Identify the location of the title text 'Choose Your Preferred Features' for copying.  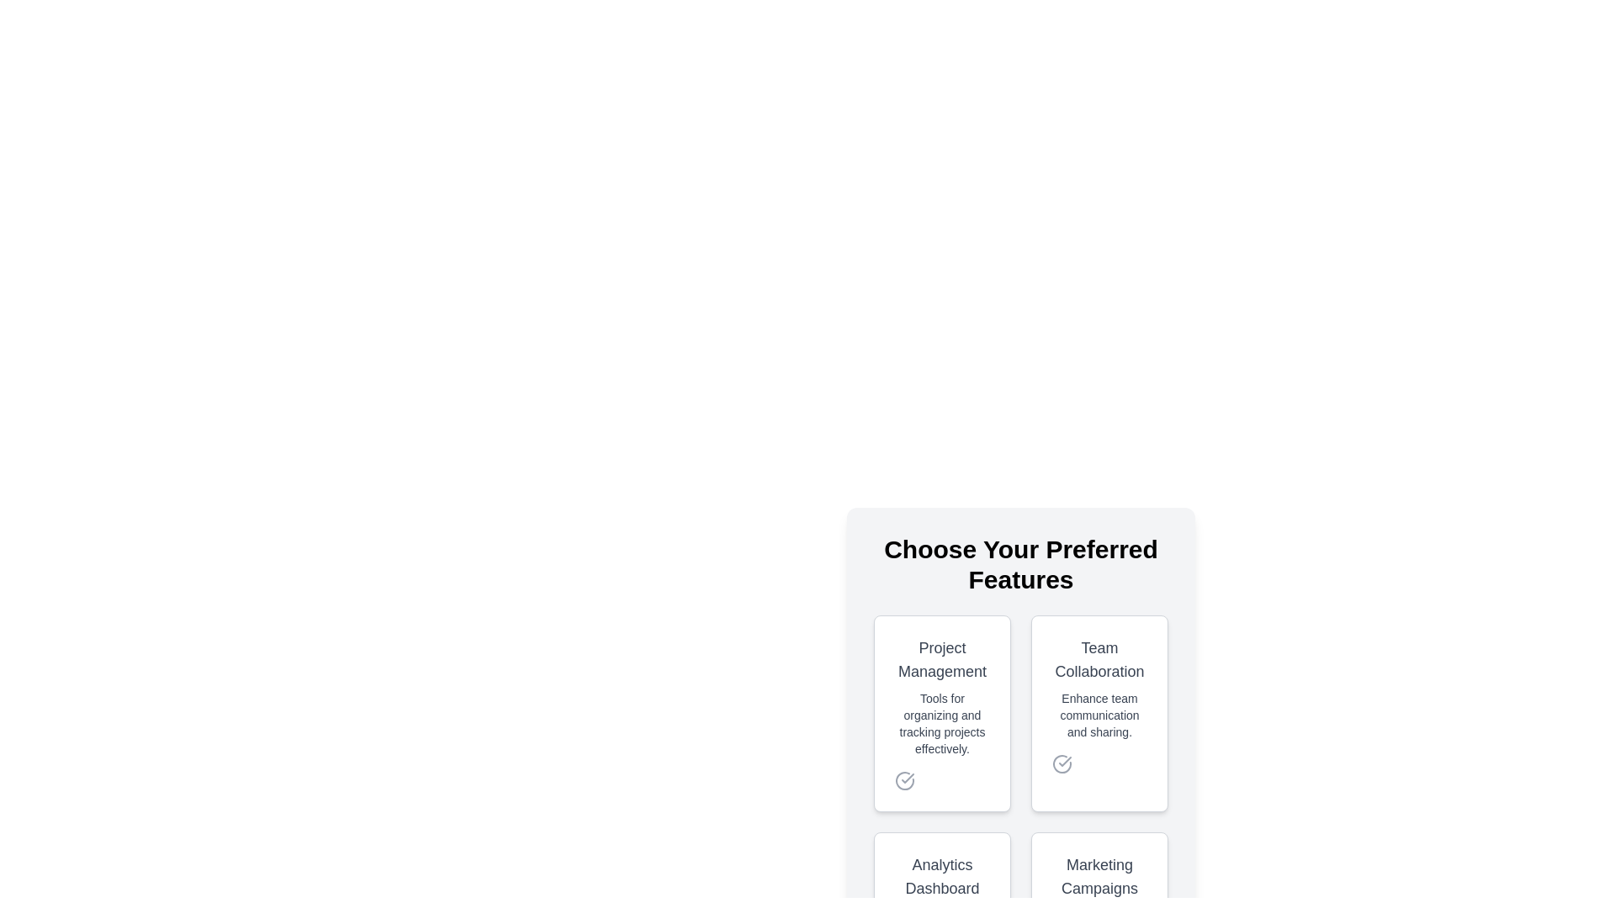
(1020, 564).